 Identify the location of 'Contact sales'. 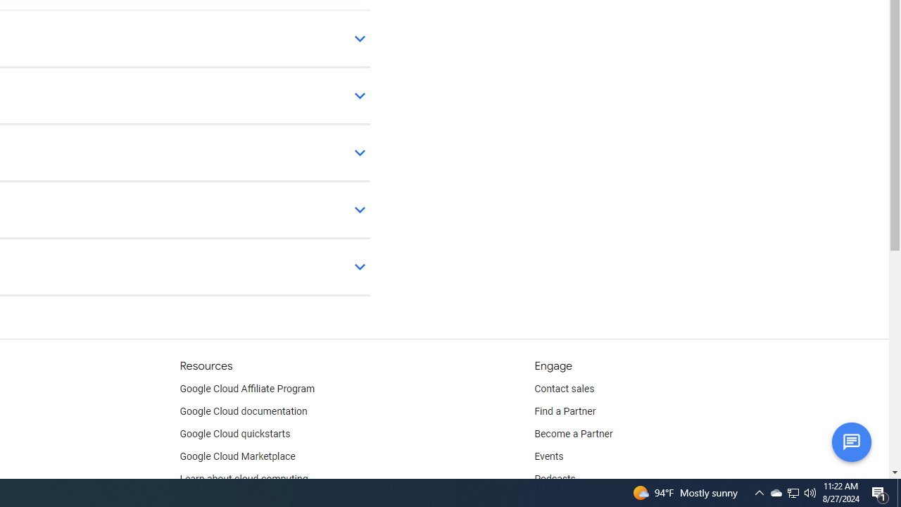
(564, 389).